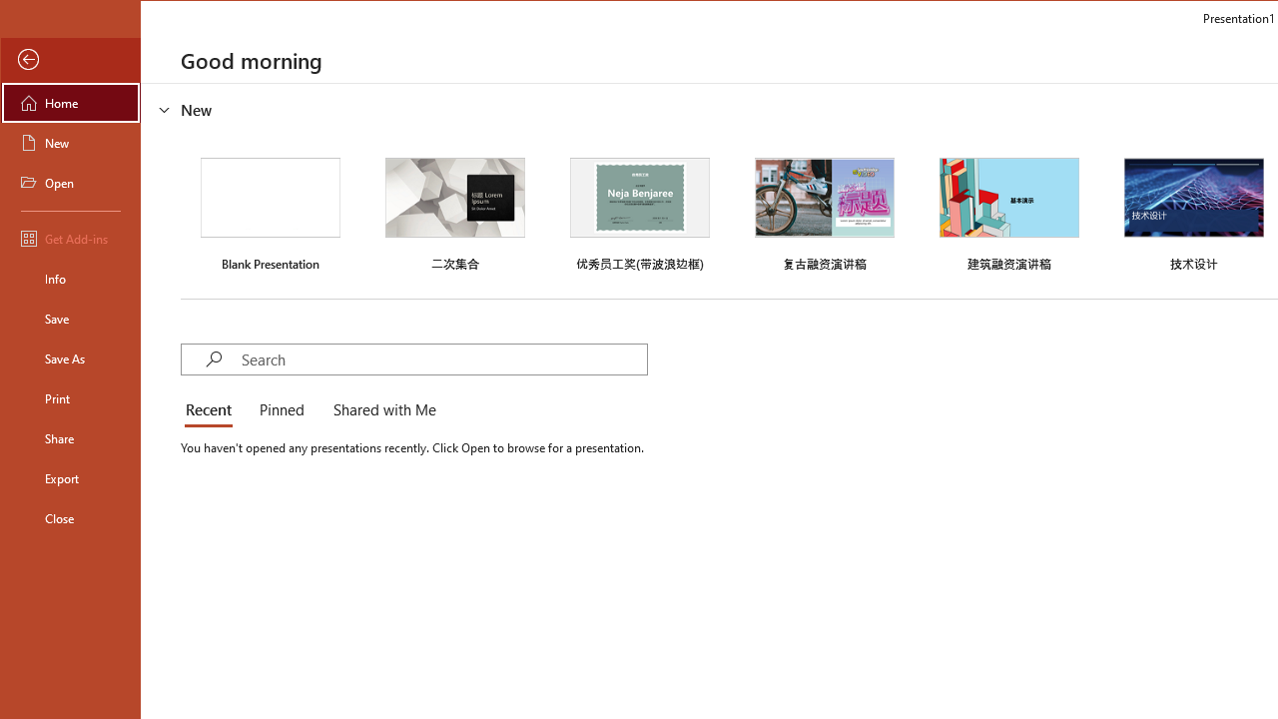 Image resolution: width=1278 pixels, height=719 pixels. What do you see at coordinates (71, 279) in the screenshot?
I see `'Info'` at bounding box center [71, 279].